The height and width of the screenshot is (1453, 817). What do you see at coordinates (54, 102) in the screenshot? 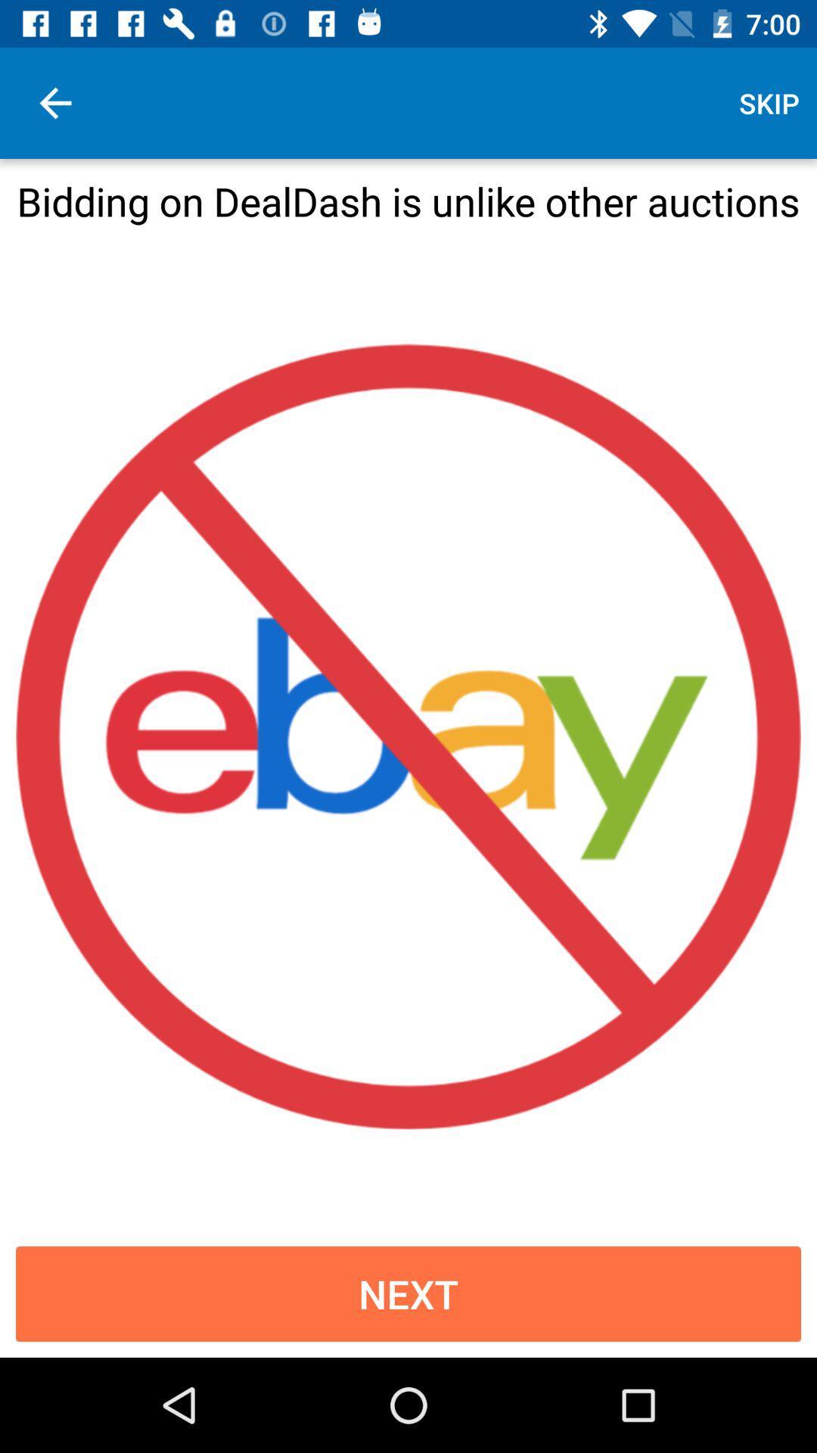
I see `item to the left of the skip item` at bounding box center [54, 102].